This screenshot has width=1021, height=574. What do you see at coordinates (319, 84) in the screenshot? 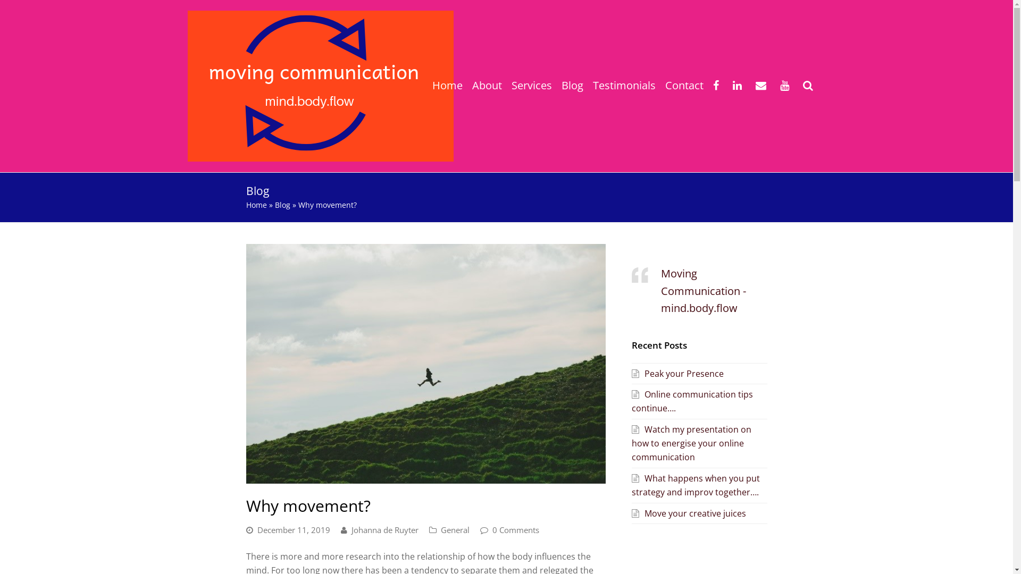
I see `'Moving Communication'` at bounding box center [319, 84].